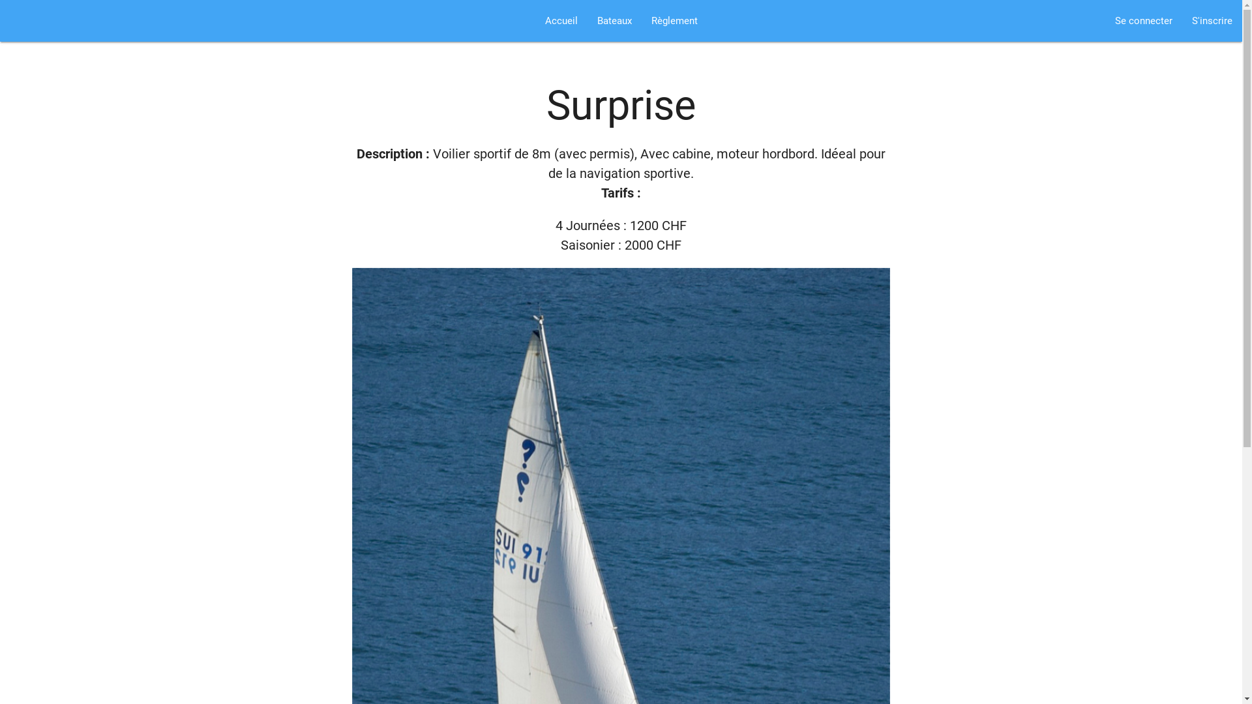 This screenshot has width=1252, height=704. I want to click on 'Se connecter', so click(1142, 20).